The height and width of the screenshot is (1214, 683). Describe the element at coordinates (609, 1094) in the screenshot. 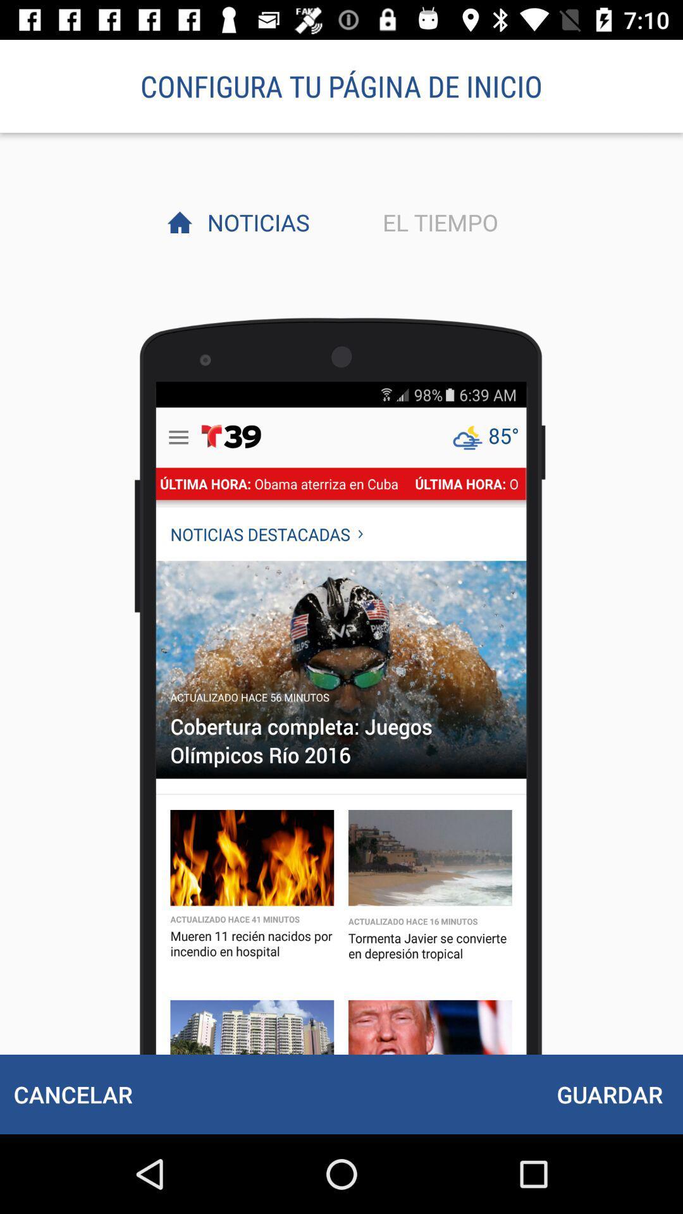

I see `item below el tiempo` at that location.